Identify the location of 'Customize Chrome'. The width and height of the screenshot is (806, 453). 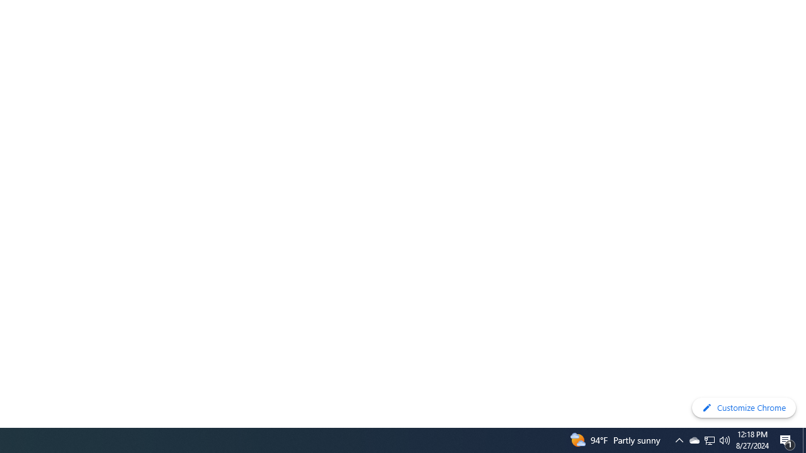
(744, 408).